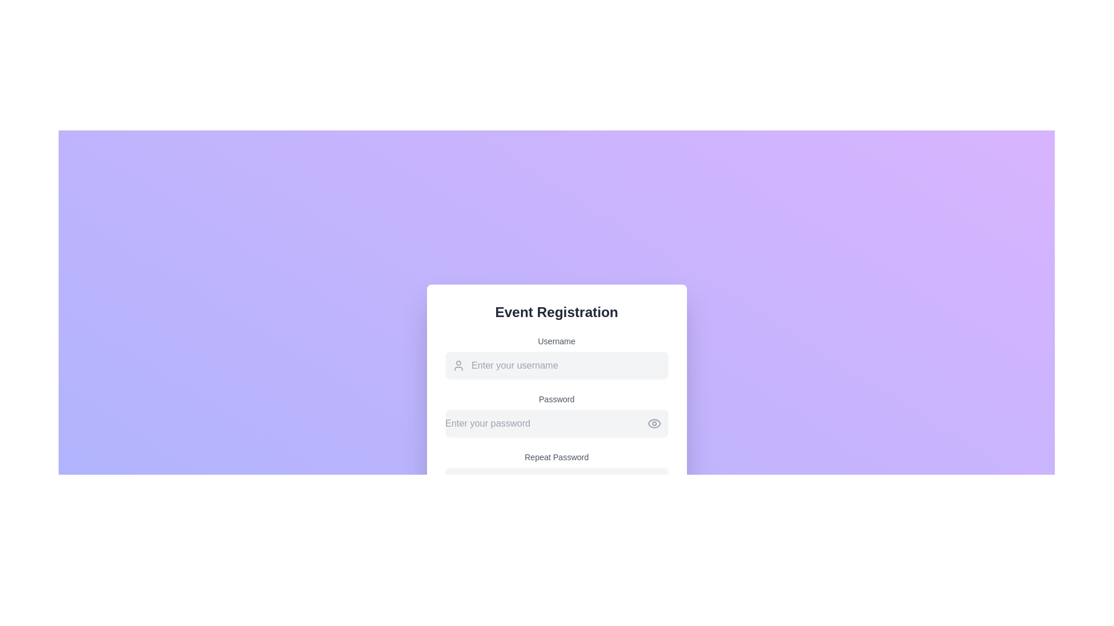 The image size is (1114, 626). What do you see at coordinates (654, 424) in the screenshot?
I see `the eye icon within the password input field, which is styled in minimalistic line art design, located at the right end of the password input box` at bounding box center [654, 424].